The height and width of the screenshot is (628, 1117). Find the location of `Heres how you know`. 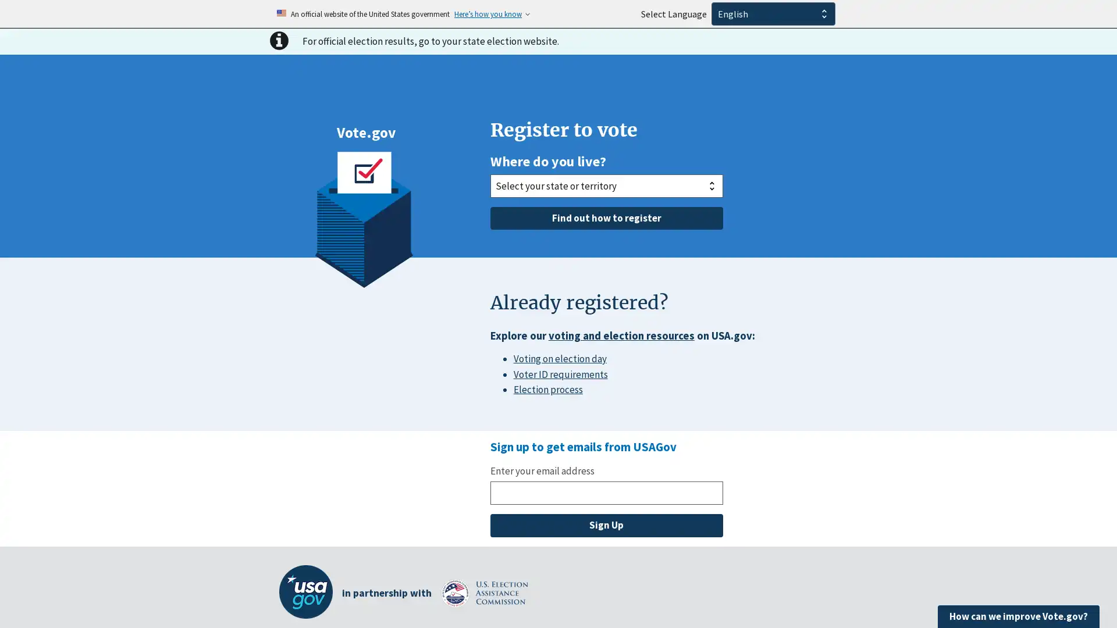

Heres how you know is located at coordinates (488, 13).